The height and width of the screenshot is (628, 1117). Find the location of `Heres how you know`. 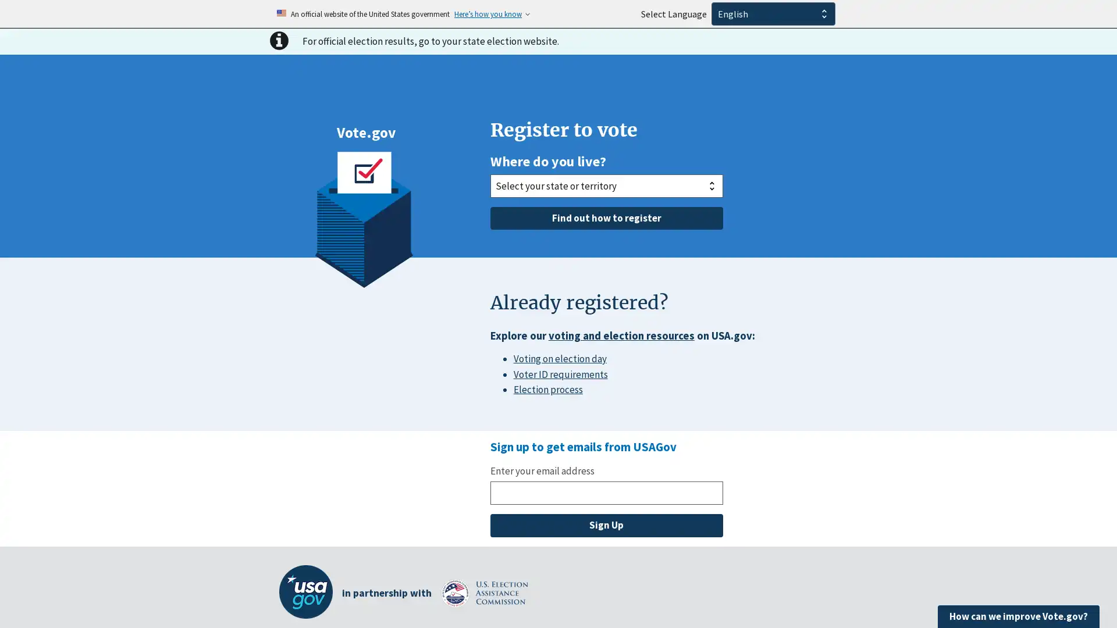

Heres how you know is located at coordinates (488, 13).